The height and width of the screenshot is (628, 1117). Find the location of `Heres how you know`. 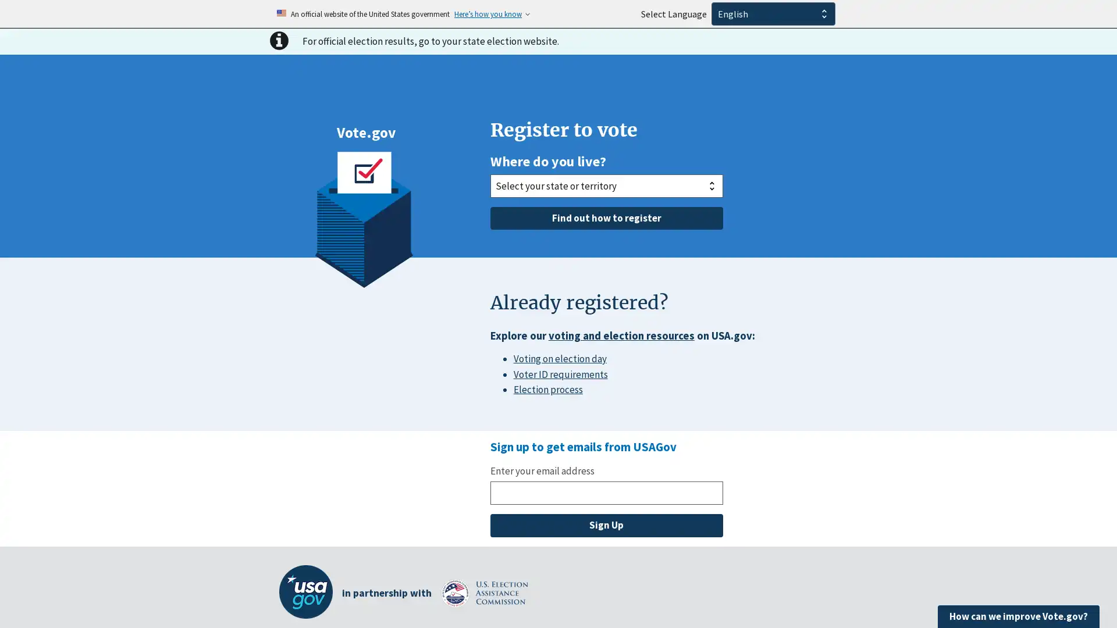

Heres how you know is located at coordinates (488, 13).